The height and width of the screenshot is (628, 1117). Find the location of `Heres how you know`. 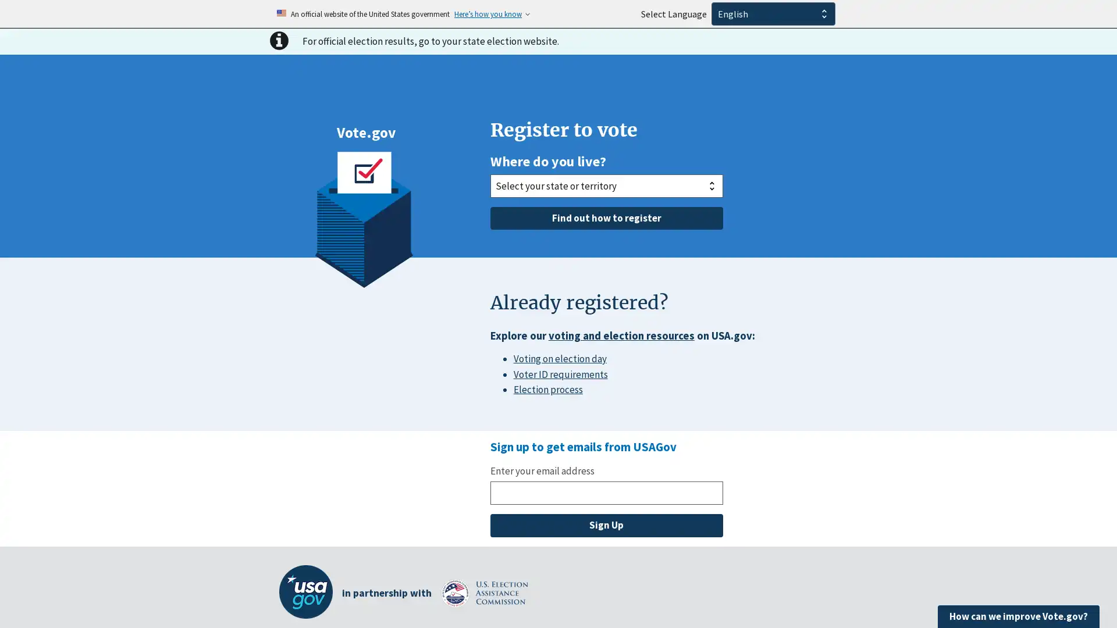

Heres how you know is located at coordinates (488, 13).